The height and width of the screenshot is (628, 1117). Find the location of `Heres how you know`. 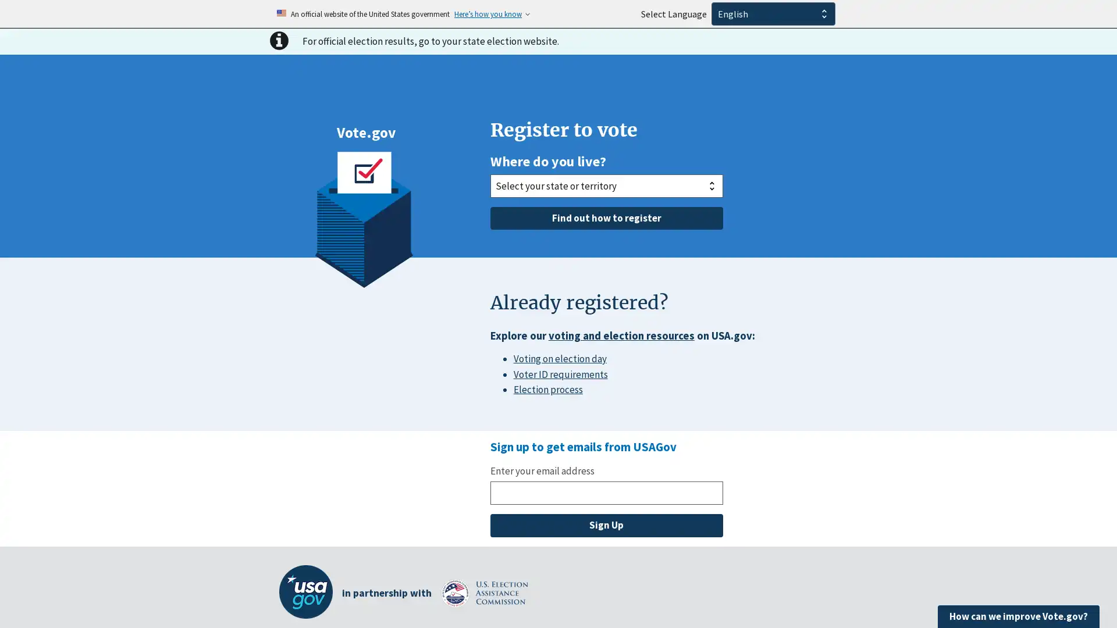

Heres how you know is located at coordinates (488, 13).